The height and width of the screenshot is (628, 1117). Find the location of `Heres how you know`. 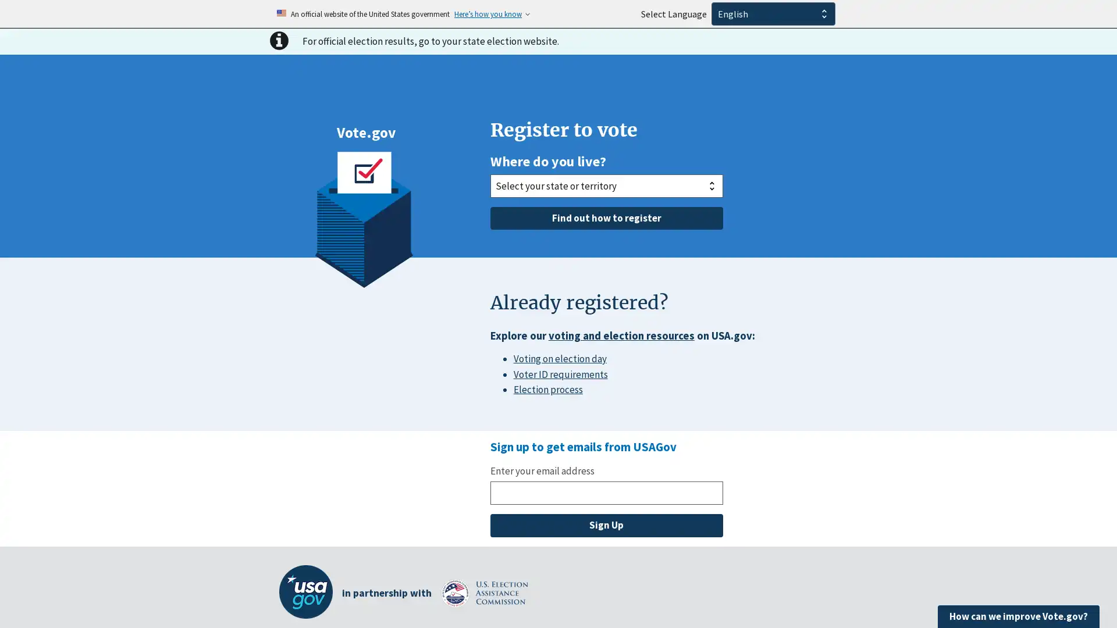

Heres how you know is located at coordinates (488, 13).